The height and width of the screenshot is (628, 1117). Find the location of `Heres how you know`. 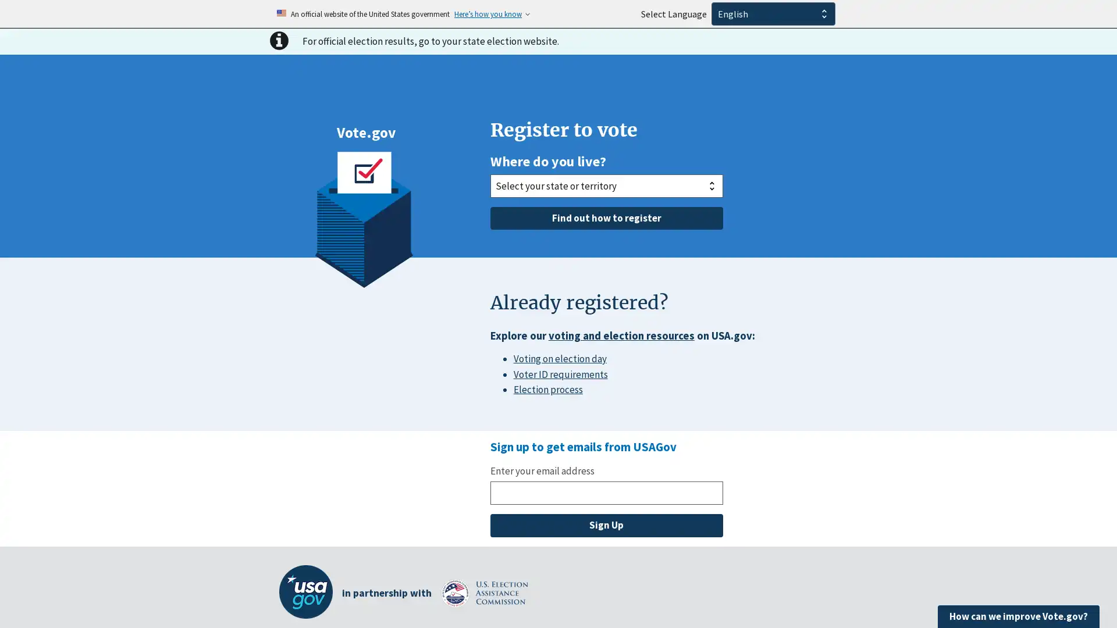

Heres how you know is located at coordinates (488, 13).